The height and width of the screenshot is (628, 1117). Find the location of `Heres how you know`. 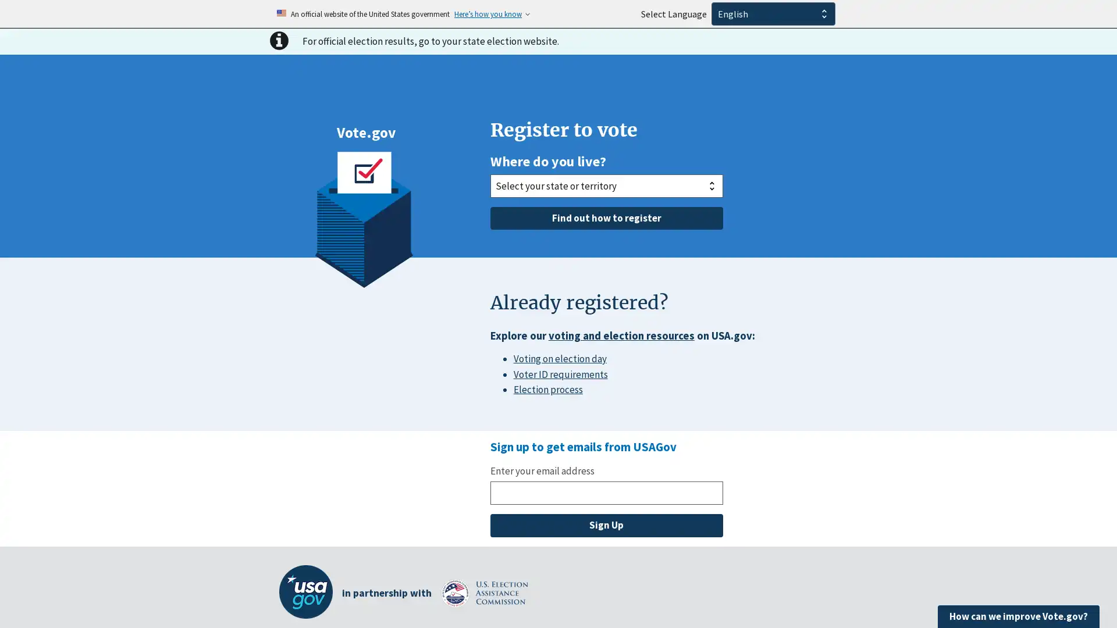

Heres how you know is located at coordinates (488, 13).